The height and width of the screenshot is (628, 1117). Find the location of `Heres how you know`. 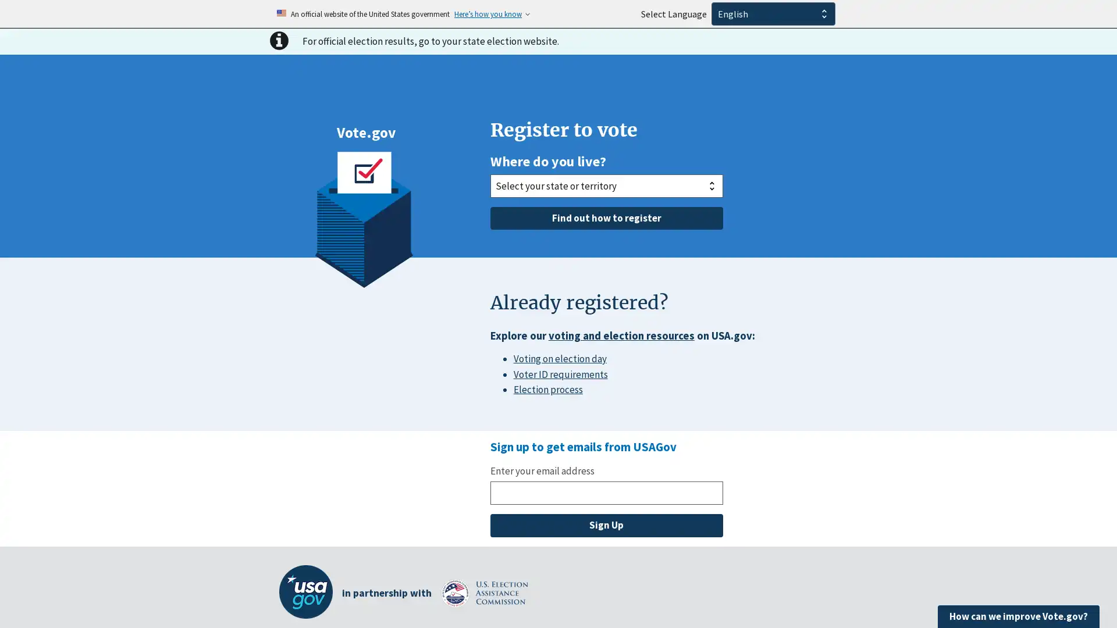

Heres how you know is located at coordinates (488, 13).